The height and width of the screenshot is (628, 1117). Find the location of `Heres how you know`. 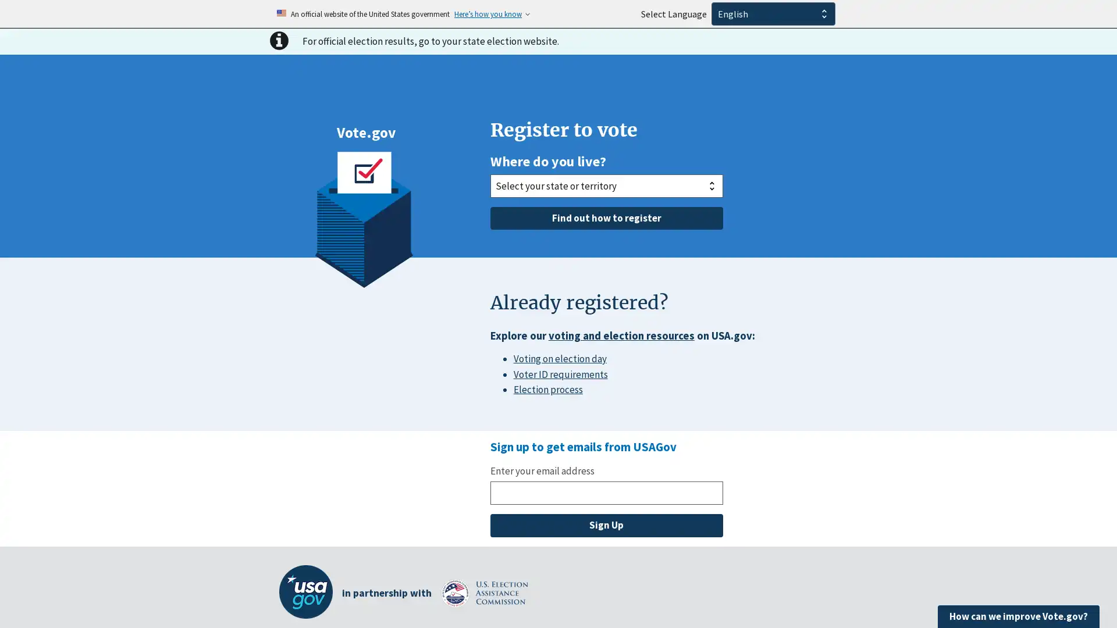

Heres how you know is located at coordinates (488, 13).